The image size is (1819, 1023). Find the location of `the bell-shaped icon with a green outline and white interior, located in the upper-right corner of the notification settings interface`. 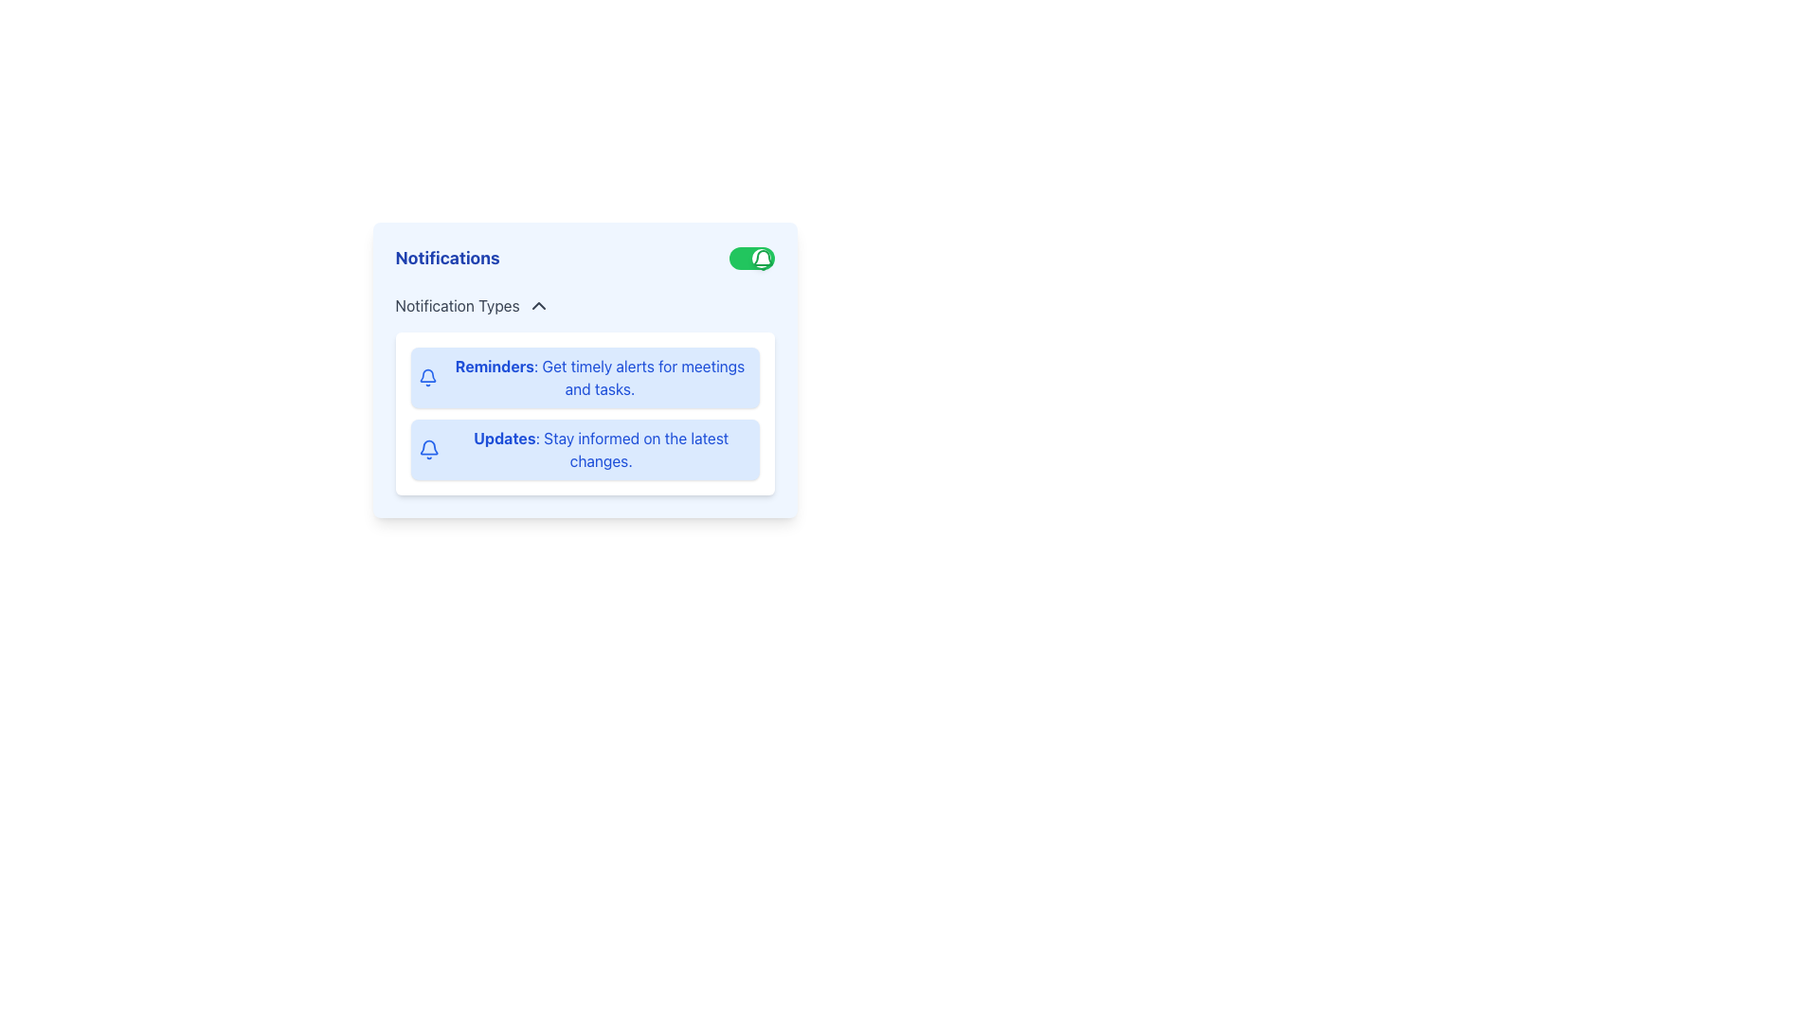

the bell-shaped icon with a green outline and white interior, located in the upper-right corner of the notification settings interface is located at coordinates (763, 260).